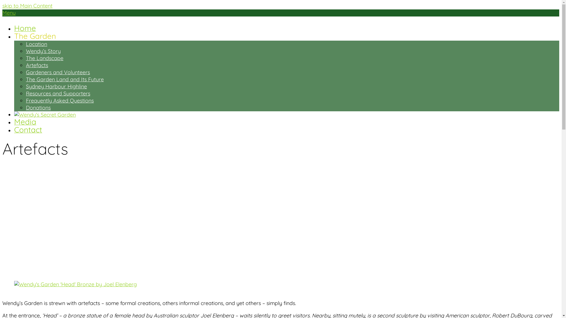 This screenshot has width=566, height=318. I want to click on 'Home', so click(25, 29).